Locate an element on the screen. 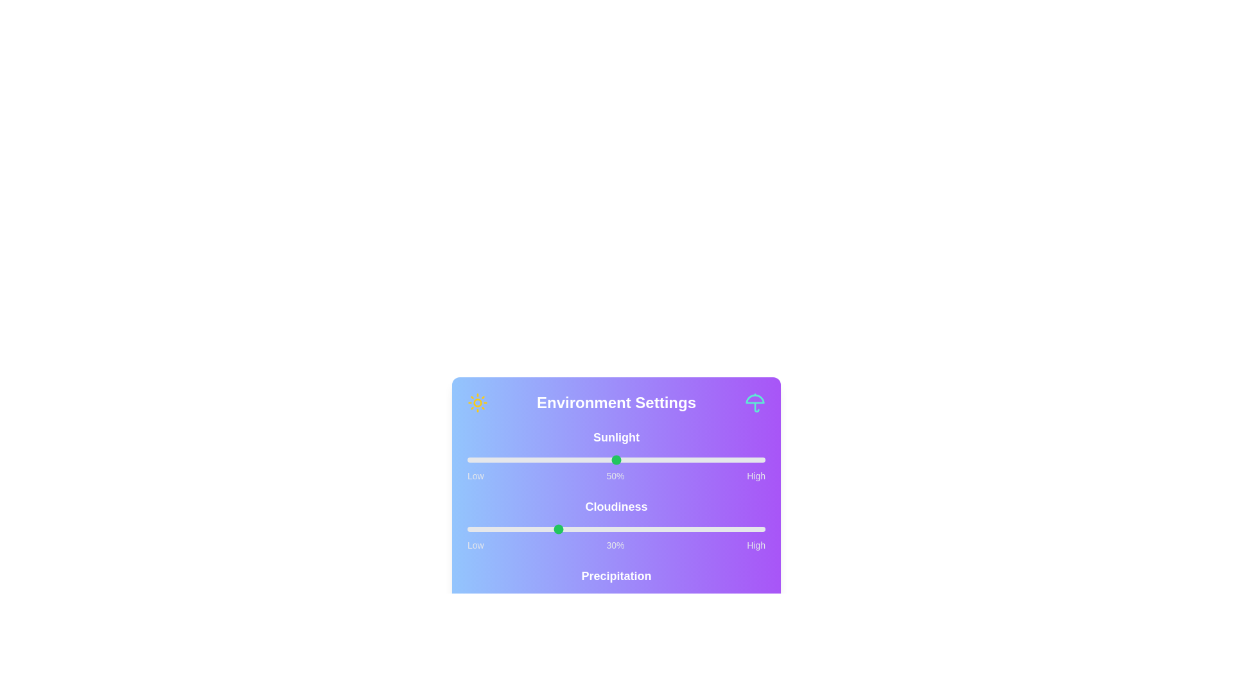 This screenshot has height=693, width=1233. the sunlight slider to 88% is located at coordinates (730, 459).